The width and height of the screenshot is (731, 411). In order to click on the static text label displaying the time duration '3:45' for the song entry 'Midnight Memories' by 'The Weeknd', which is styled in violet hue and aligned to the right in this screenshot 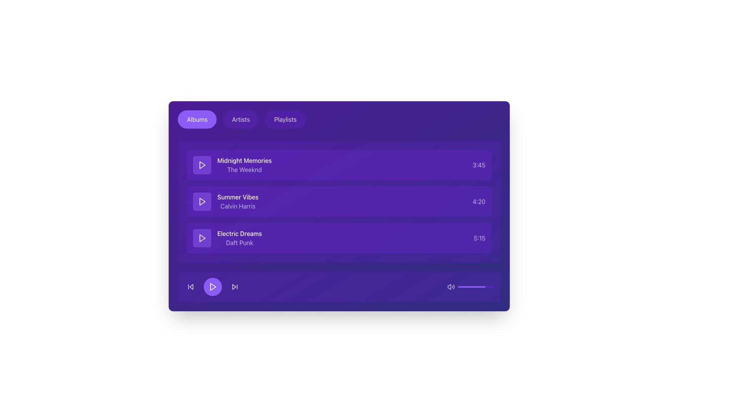, I will do `click(479, 165)`.